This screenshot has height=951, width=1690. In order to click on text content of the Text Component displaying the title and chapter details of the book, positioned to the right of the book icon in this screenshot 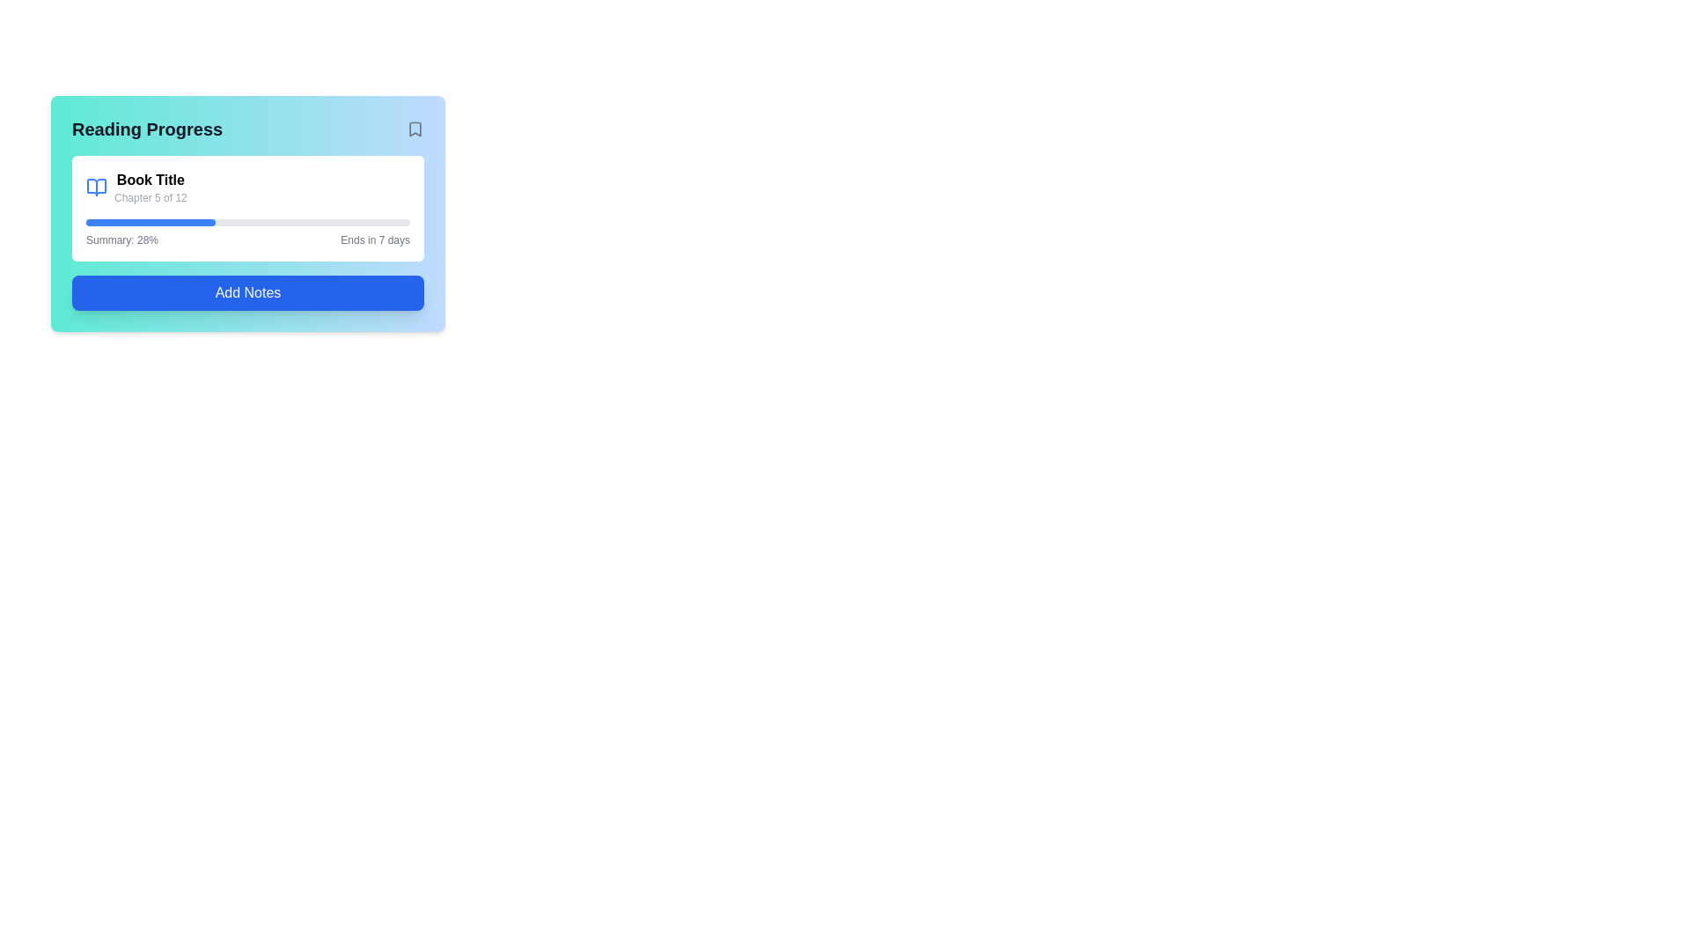, I will do `click(151, 187)`.